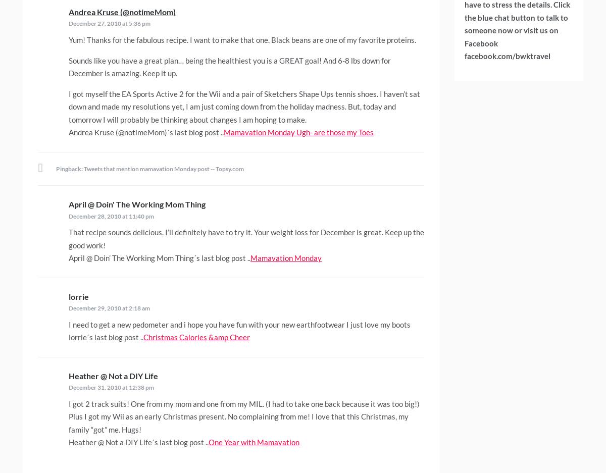  Describe the element at coordinates (68, 324) in the screenshot. I see `'I need to get a new pedometer and i hope you have fun with your new earthfootwear I just love my boots'` at that location.